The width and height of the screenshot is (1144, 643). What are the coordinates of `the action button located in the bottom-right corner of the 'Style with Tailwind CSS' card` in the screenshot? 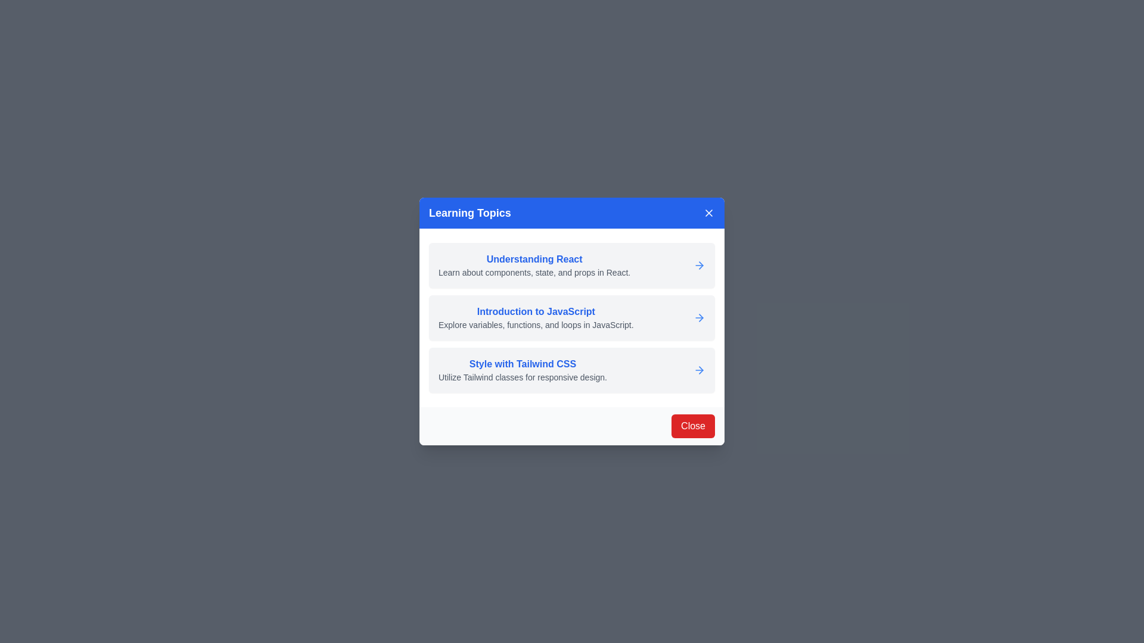 It's located at (700, 369).